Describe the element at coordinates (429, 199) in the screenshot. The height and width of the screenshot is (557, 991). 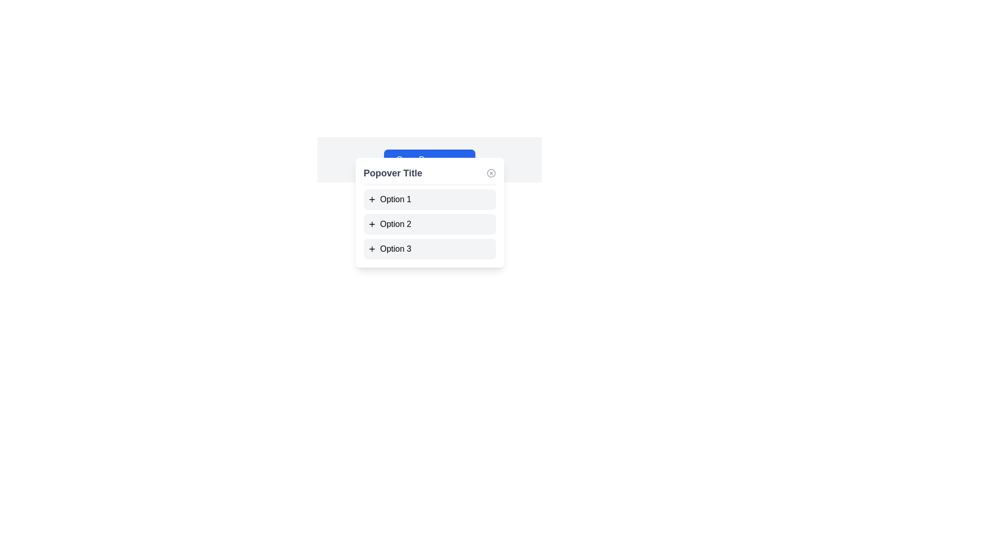
I see `the first selectable option button in the popover, located directly beneath 'Popover Title'` at that location.